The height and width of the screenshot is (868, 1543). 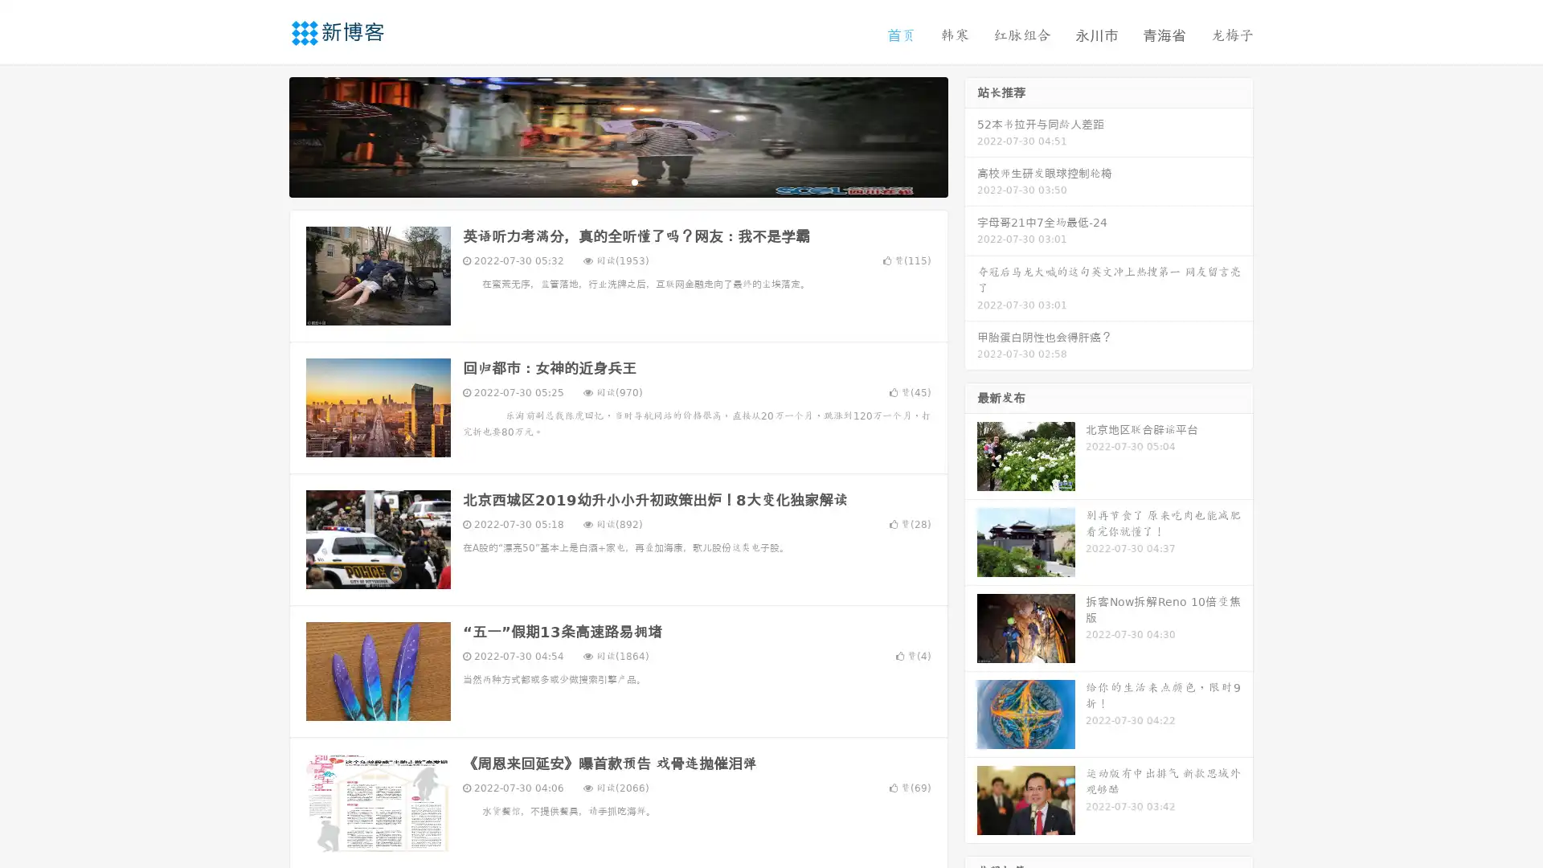 What do you see at coordinates (634, 181) in the screenshot?
I see `Go to slide 3` at bounding box center [634, 181].